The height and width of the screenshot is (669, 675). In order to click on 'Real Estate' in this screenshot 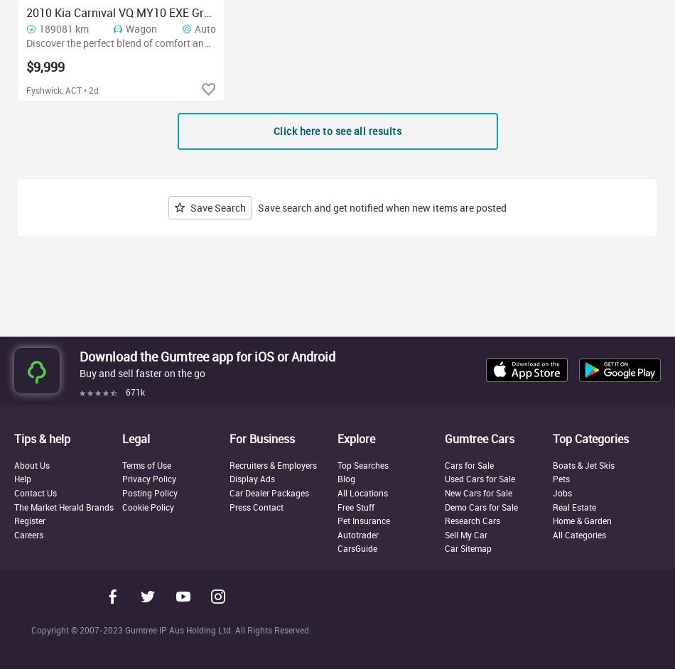, I will do `click(573, 505)`.